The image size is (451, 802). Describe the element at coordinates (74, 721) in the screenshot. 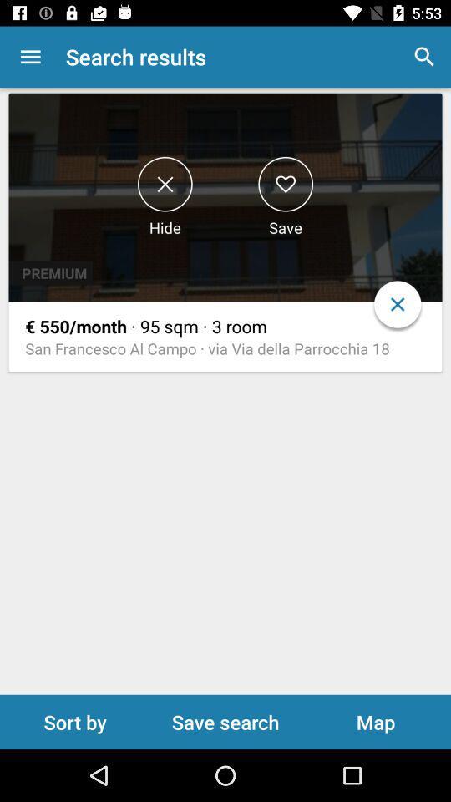

I see `the item at the bottom left corner` at that location.